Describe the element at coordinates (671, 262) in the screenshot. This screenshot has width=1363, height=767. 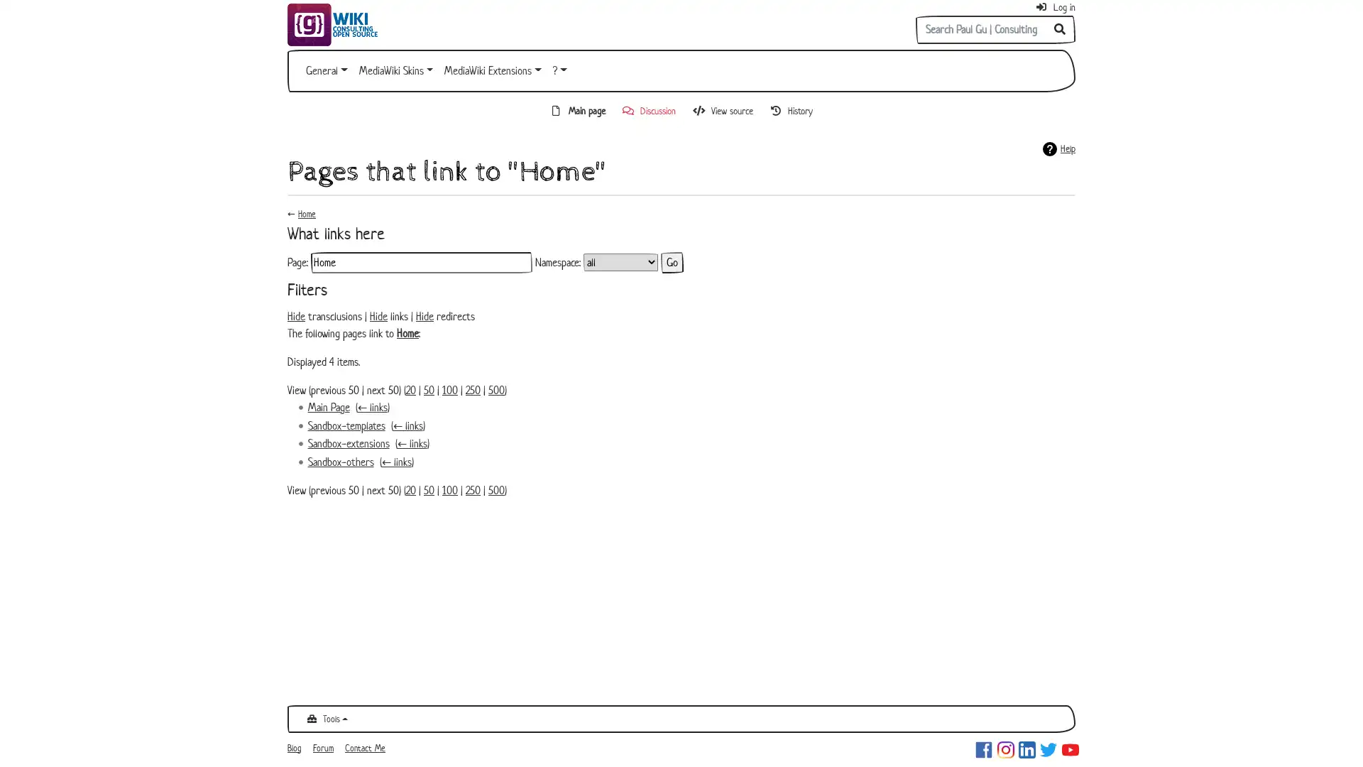
I see `Go` at that location.